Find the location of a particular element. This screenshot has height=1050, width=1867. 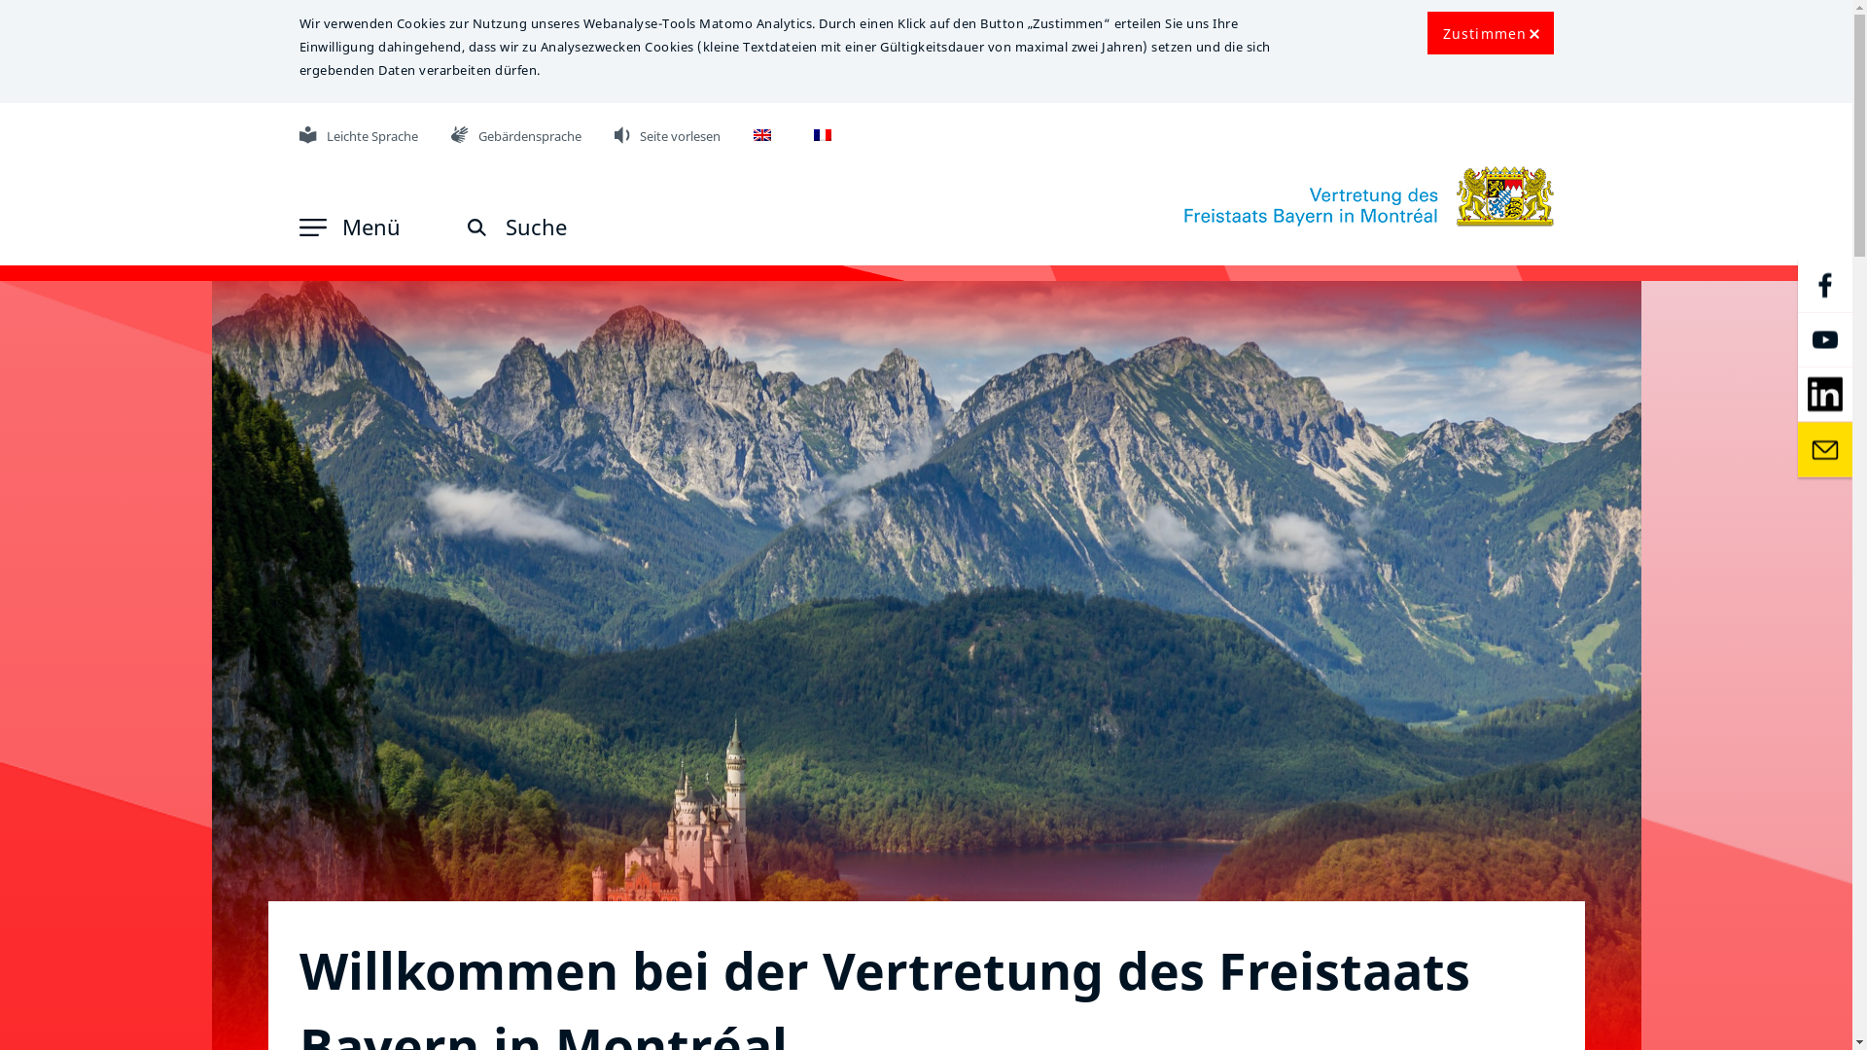

'Vorlesen' is located at coordinates (622, 133).